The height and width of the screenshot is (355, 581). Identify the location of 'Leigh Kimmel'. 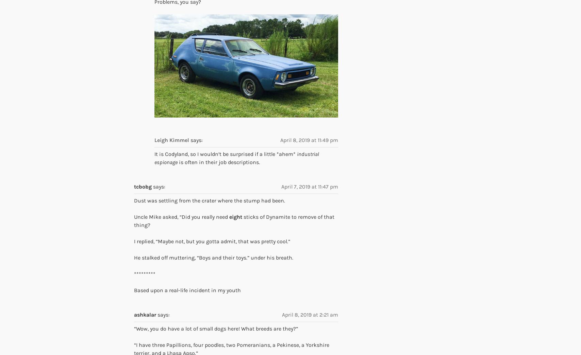
(172, 140).